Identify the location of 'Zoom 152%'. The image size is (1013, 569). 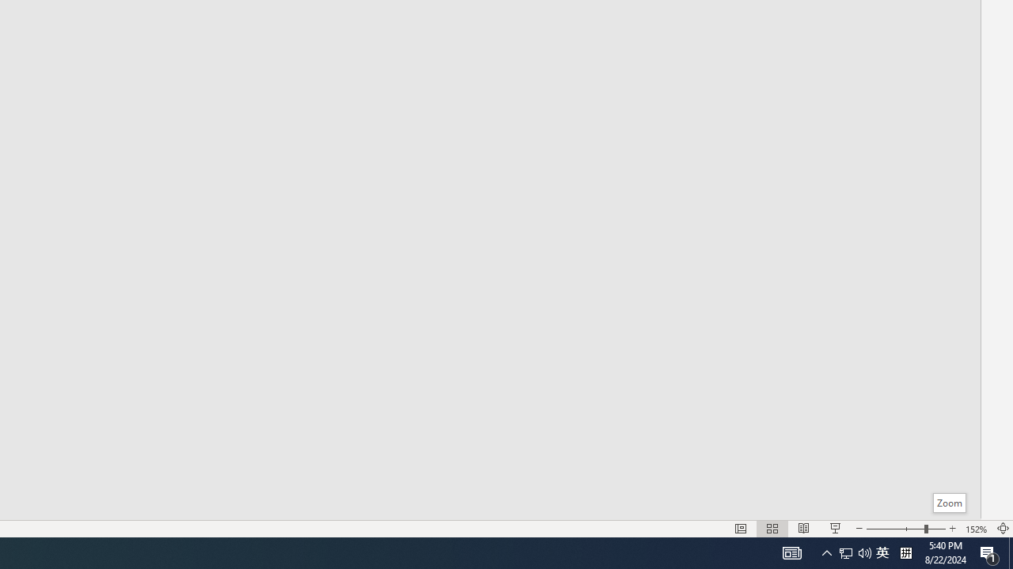
(976, 529).